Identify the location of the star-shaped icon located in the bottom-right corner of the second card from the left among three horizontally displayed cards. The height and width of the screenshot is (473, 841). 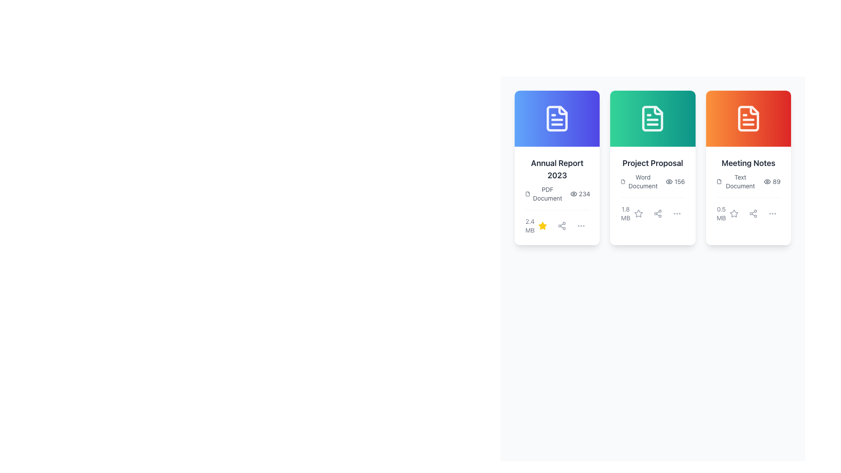
(638, 213).